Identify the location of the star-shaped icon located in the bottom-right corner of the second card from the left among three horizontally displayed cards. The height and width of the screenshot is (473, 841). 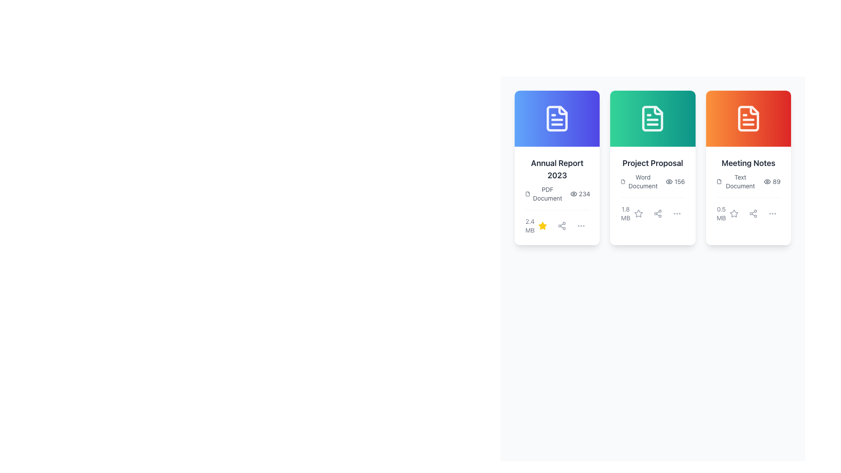
(638, 213).